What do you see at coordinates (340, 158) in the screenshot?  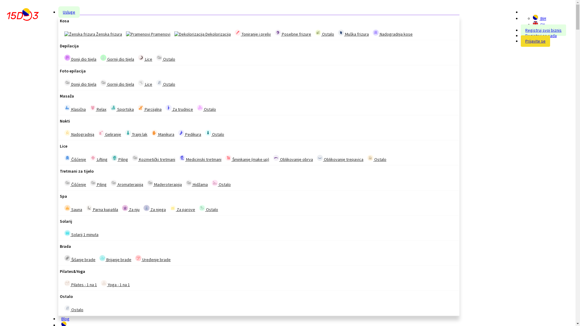 I see `'Oblikovanje trepavica'` at bounding box center [340, 158].